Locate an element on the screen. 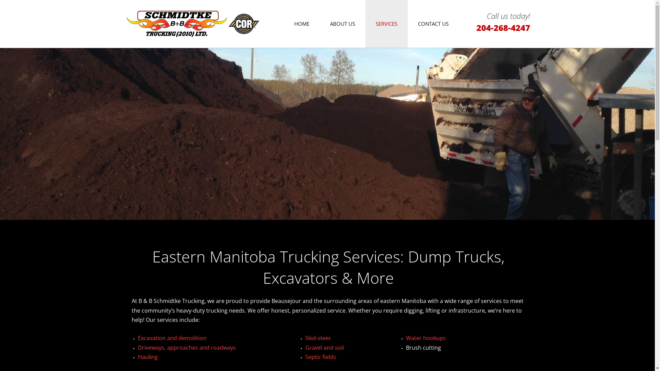 This screenshot has width=660, height=371. 'CONTACT US' is located at coordinates (433, 23).